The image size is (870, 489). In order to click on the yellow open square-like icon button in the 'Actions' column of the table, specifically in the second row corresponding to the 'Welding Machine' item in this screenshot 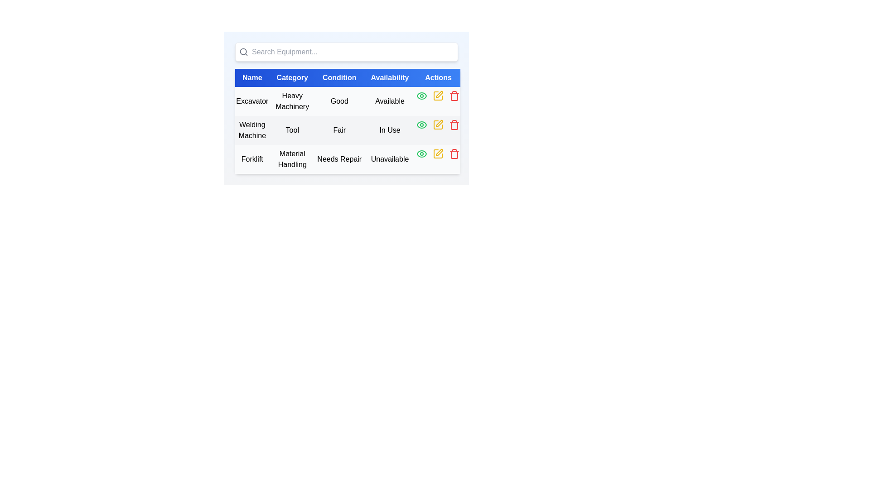, I will do `click(438, 125)`.